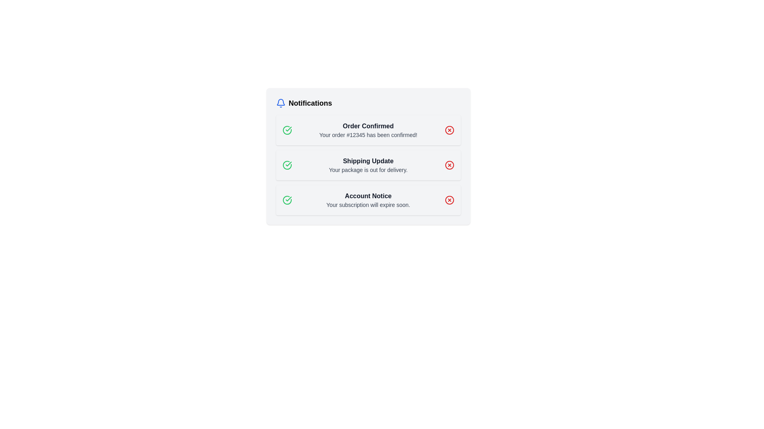 The width and height of the screenshot is (764, 429). What do you see at coordinates (368, 161) in the screenshot?
I see `the 'Shipping Update' text label, which is displayed in bold and serves as a header for a shipping status notification, located in the middle notification box` at bounding box center [368, 161].